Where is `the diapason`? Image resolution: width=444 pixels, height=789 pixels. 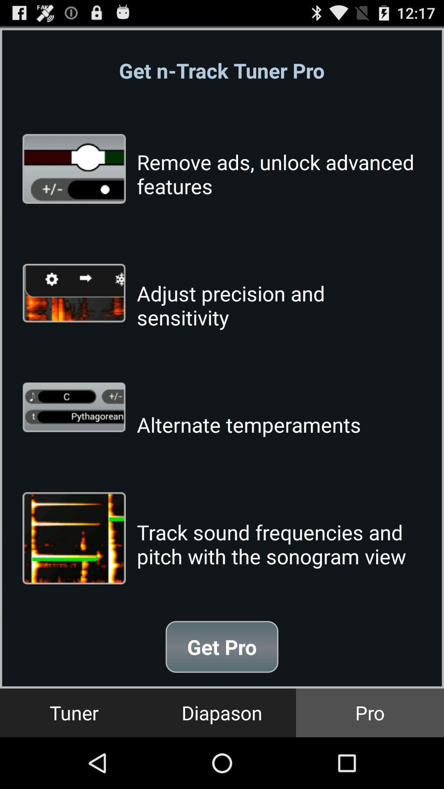
the diapason is located at coordinates (222, 712).